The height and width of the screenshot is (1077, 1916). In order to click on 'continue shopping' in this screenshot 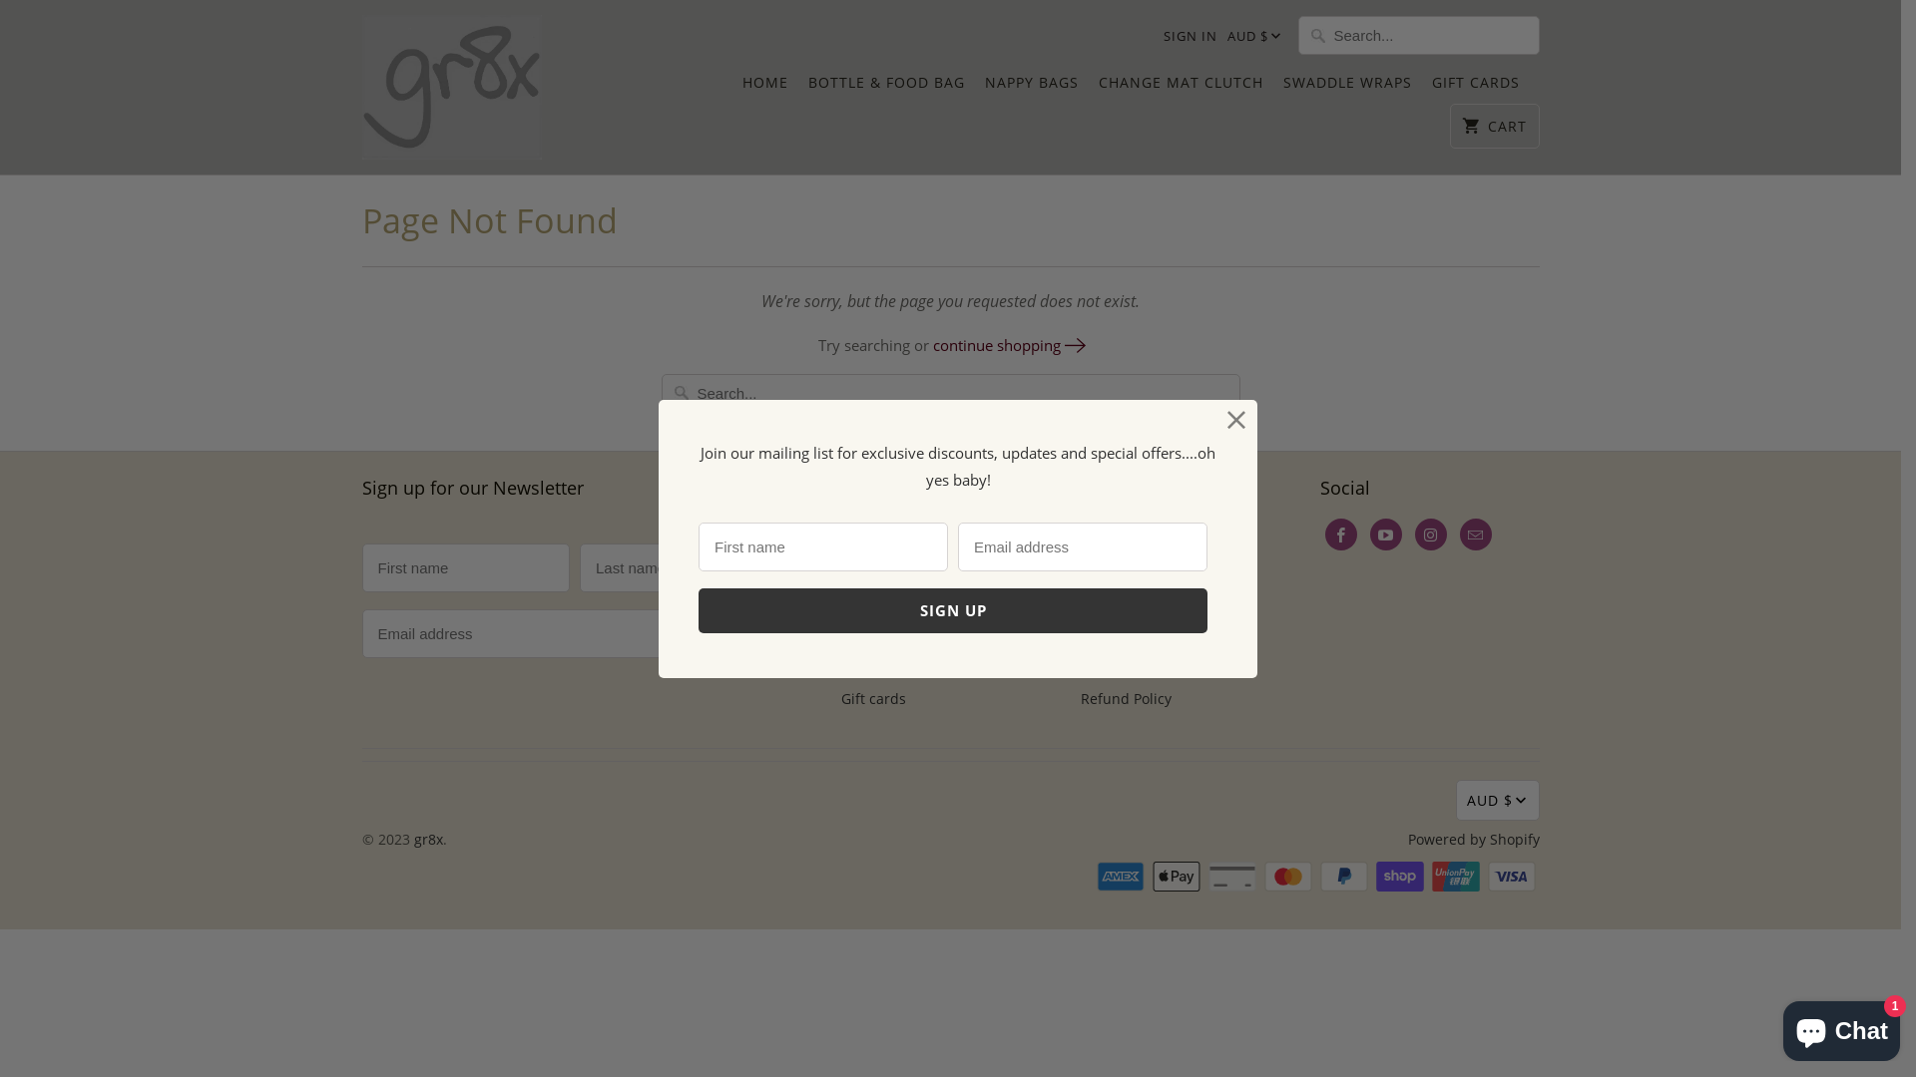, I will do `click(932, 344)`.